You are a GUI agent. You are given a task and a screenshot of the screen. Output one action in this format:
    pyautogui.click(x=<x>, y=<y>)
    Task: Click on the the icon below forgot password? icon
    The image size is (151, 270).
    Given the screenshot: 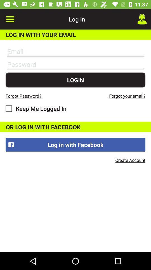 What is the action you would take?
    pyautogui.click(x=36, y=108)
    